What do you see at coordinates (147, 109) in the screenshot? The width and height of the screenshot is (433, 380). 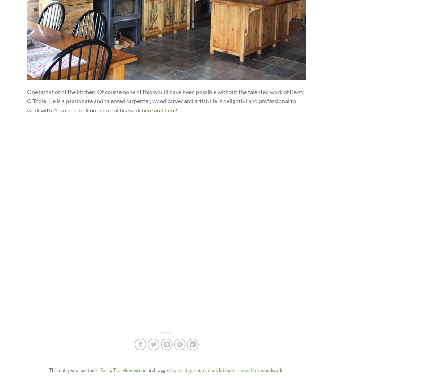 I see `'here'` at bounding box center [147, 109].